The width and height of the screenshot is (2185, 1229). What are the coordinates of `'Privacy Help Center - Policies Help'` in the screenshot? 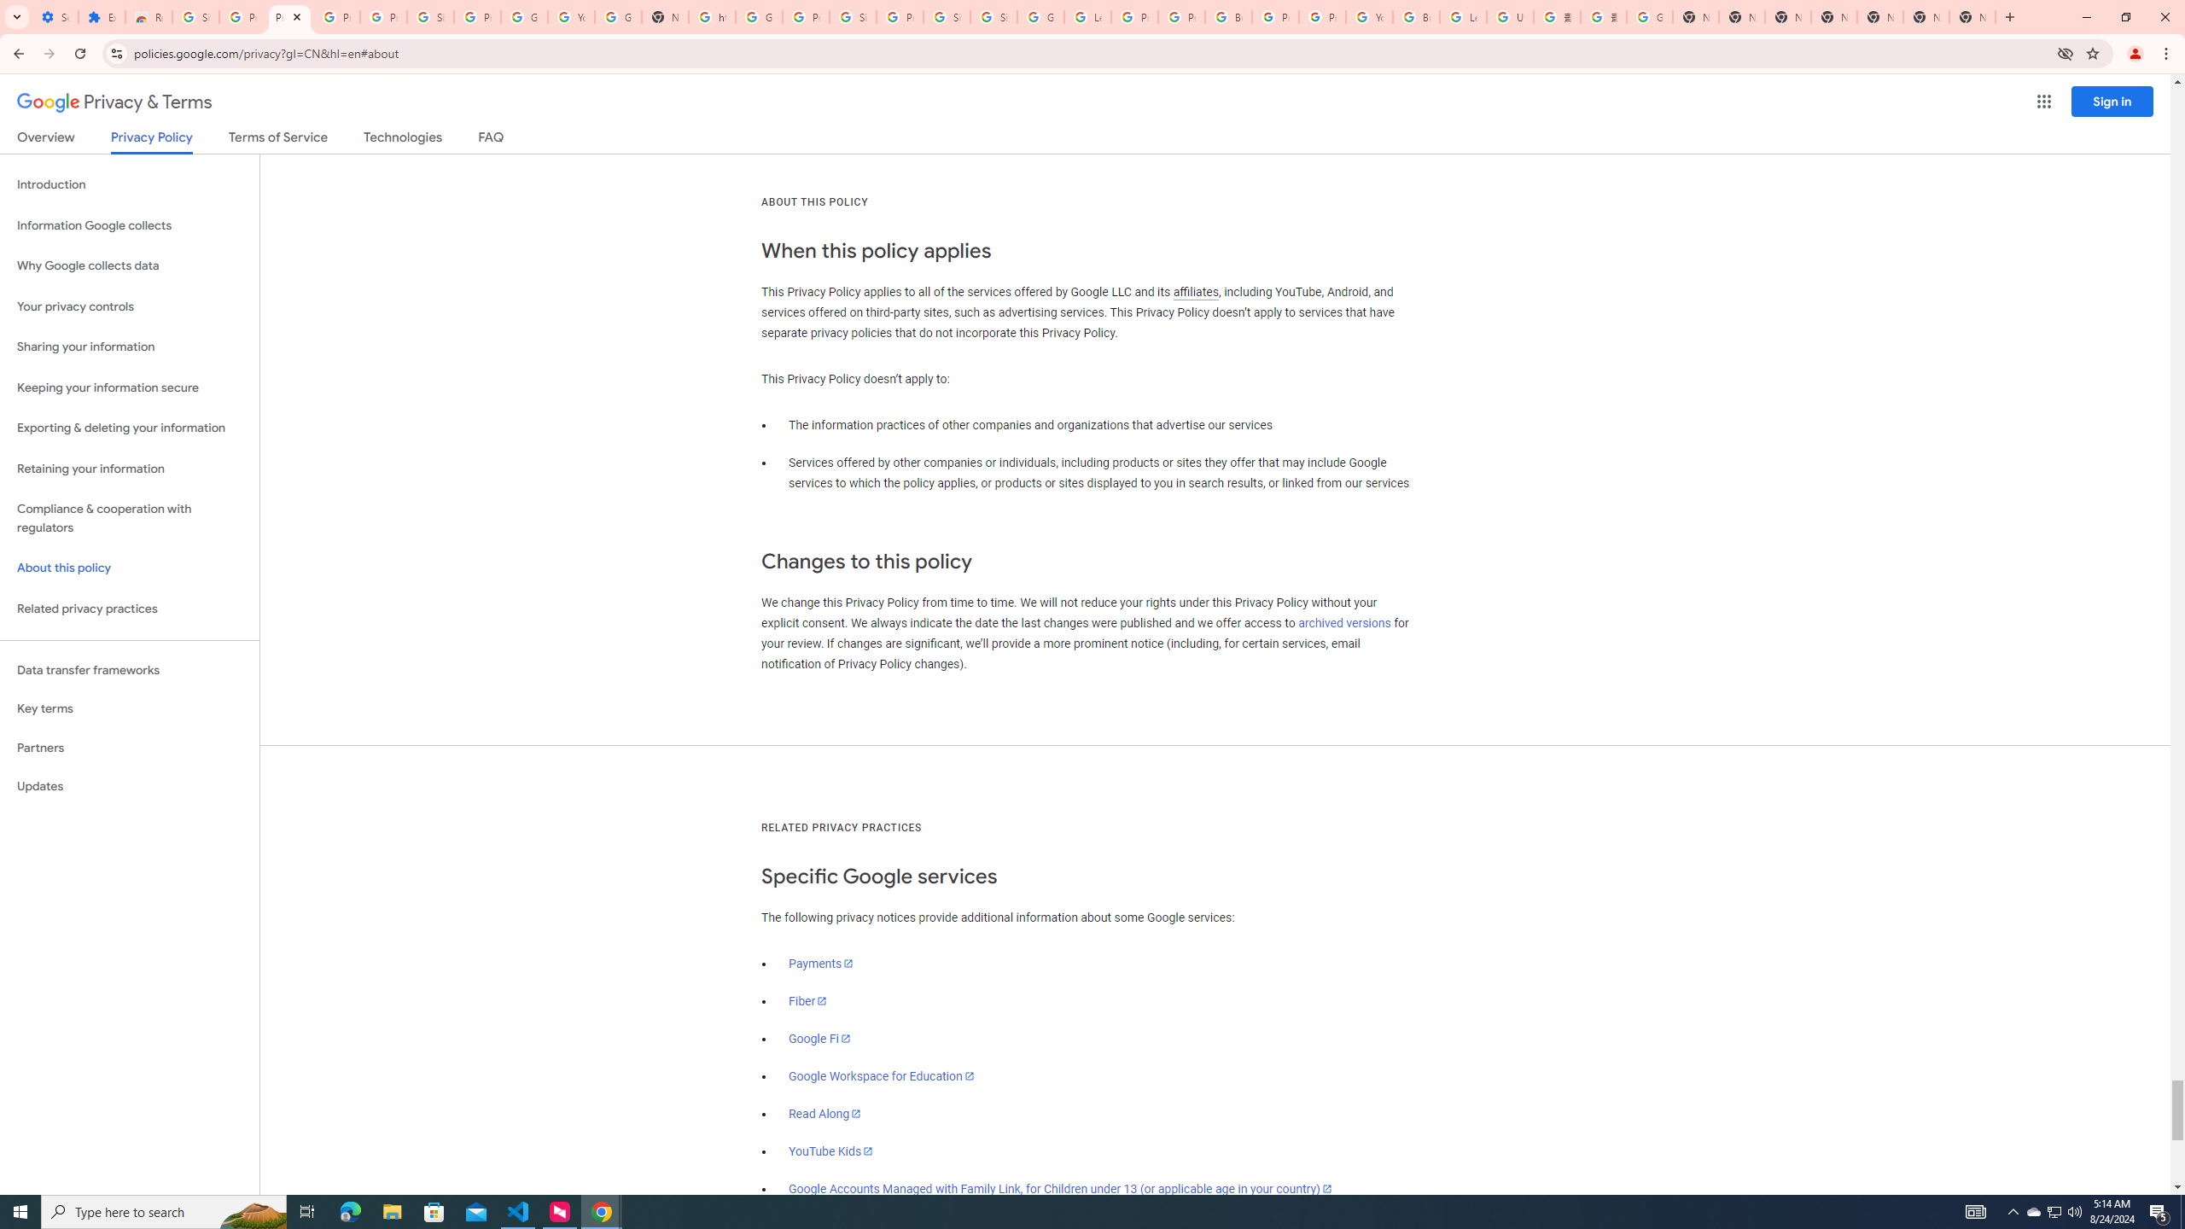 It's located at (1133, 16).